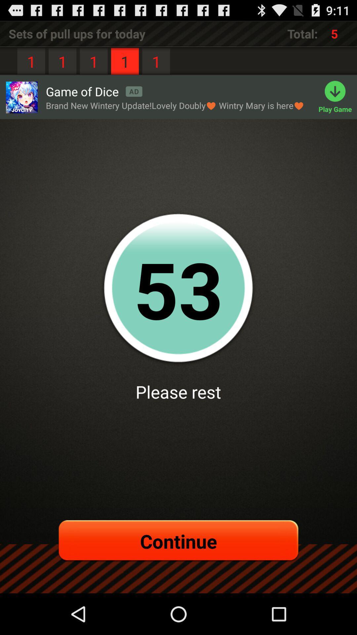 This screenshot has height=635, width=357. What do you see at coordinates (337, 97) in the screenshot?
I see `icon next to the brand new wintery` at bounding box center [337, 97].